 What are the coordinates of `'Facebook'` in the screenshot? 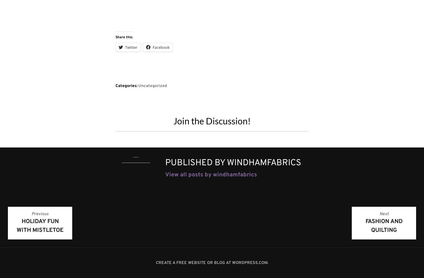 It's located at (153, 47).